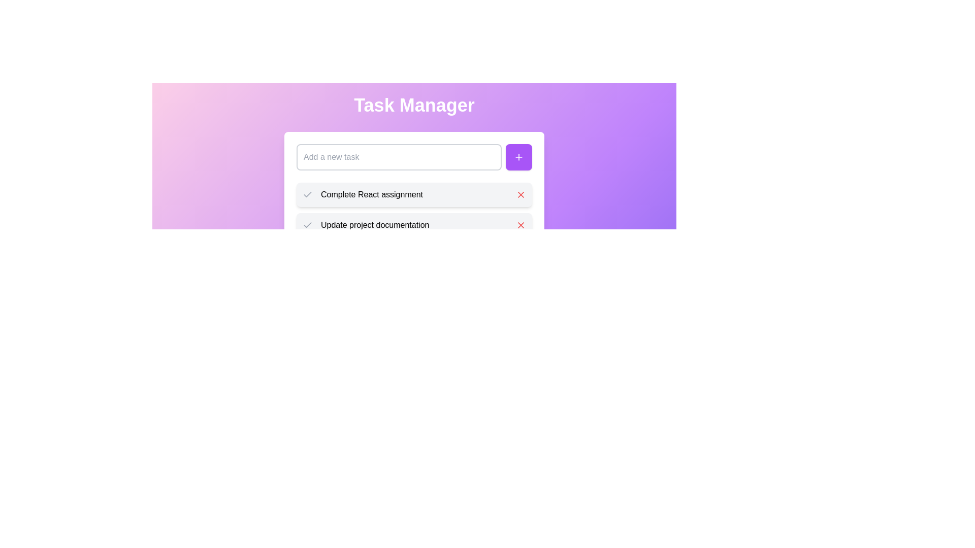 Image resolution: width=975 pixels, height=548 pixels. What do you see at coordinates (519, 157) in the screenshot?
I see `the purple button with white text and a plus sign icon` at bounding box center [519, 157].